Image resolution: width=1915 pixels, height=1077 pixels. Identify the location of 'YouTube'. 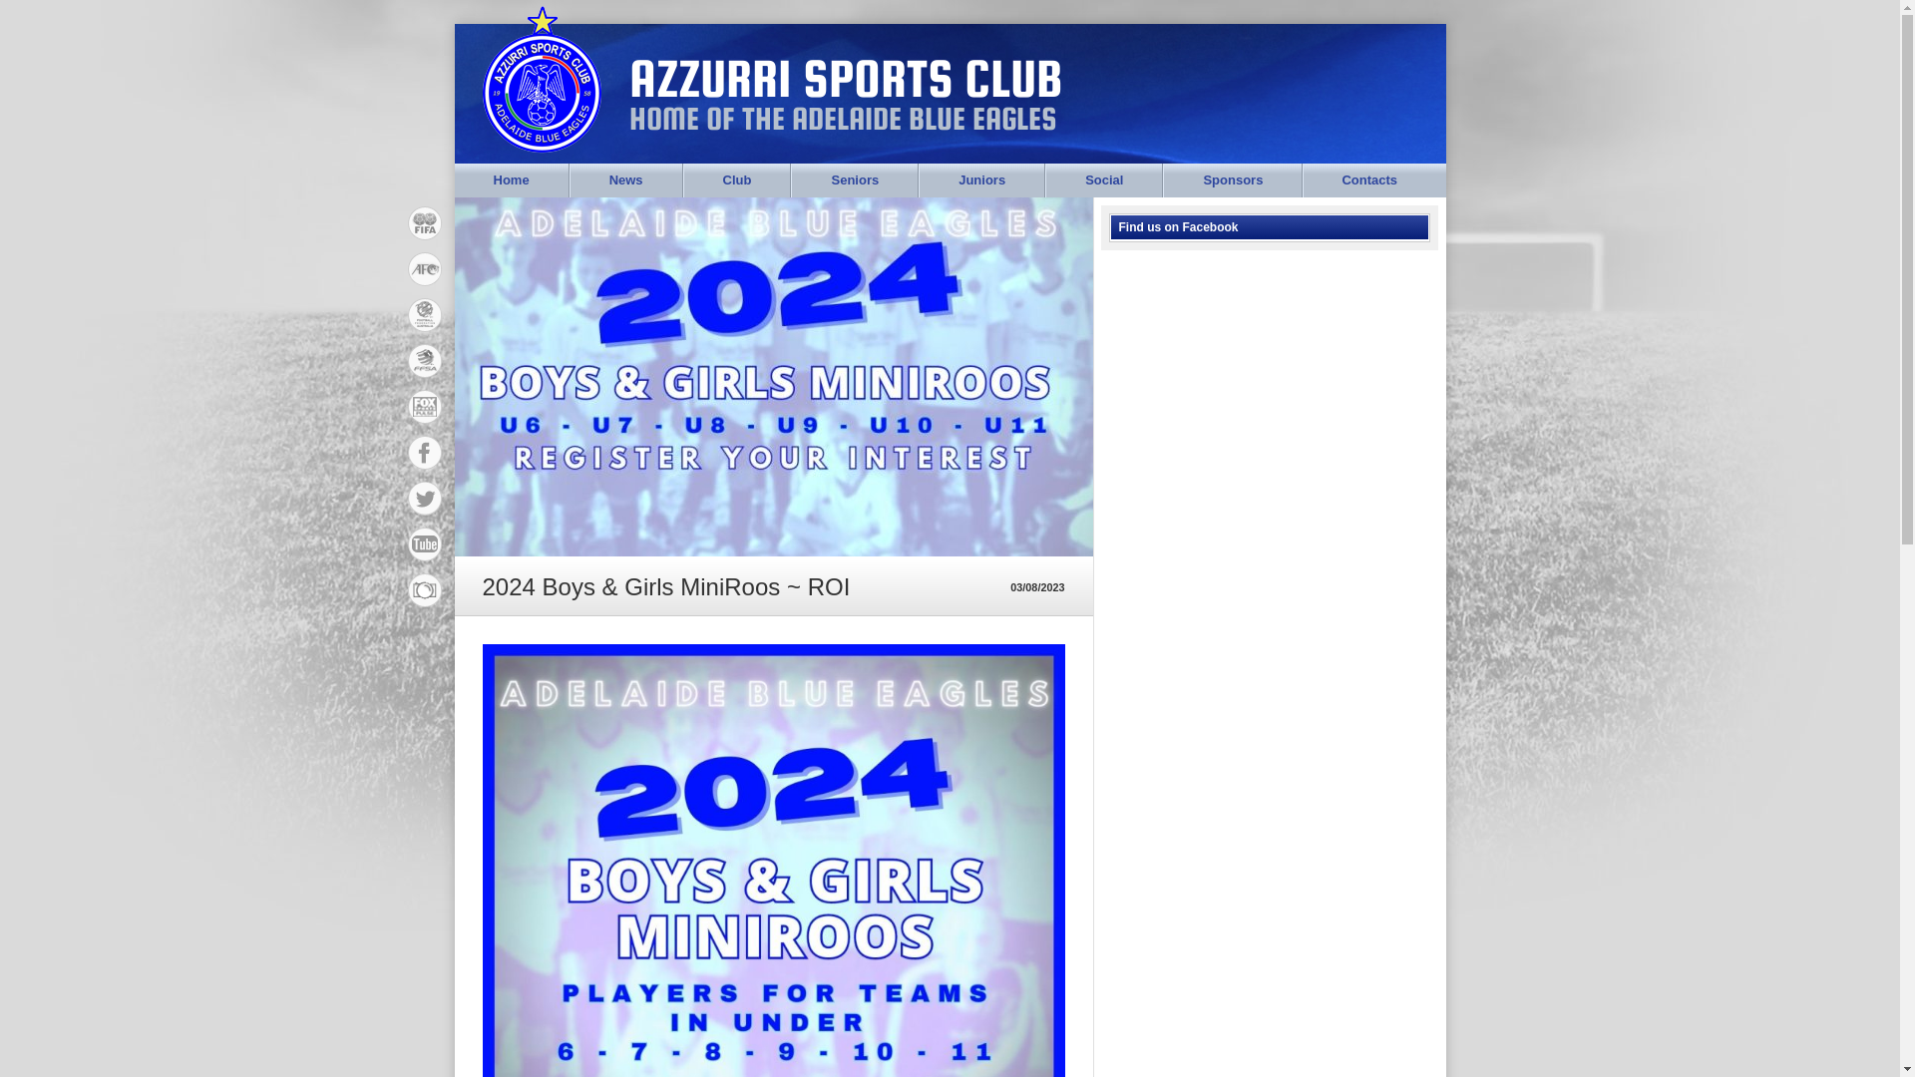
(406, 588).